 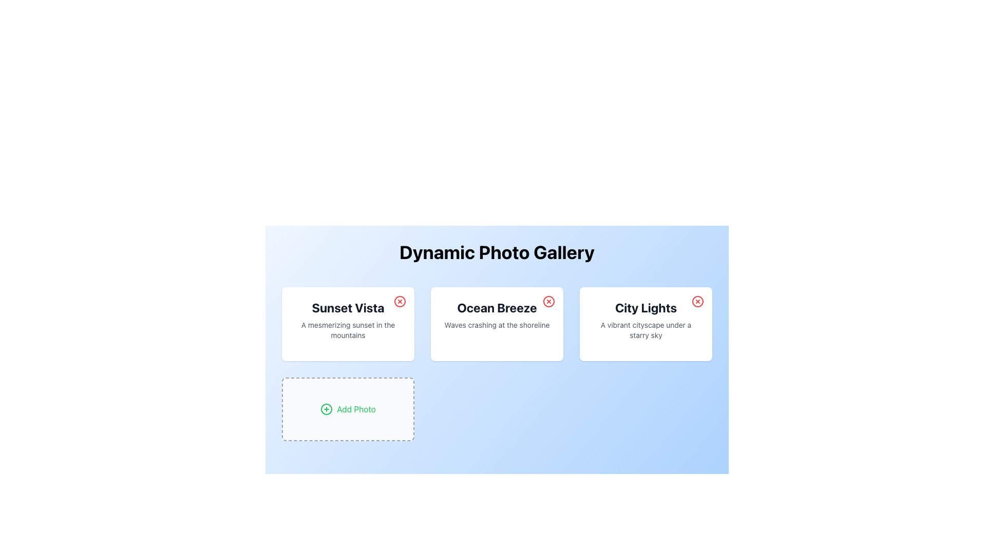 What do you see at coordinates (697, 301) in the screenshot?
I see `the close button located in the top-right corner of the 'City Lights' card` at bounding box center [697, 301].